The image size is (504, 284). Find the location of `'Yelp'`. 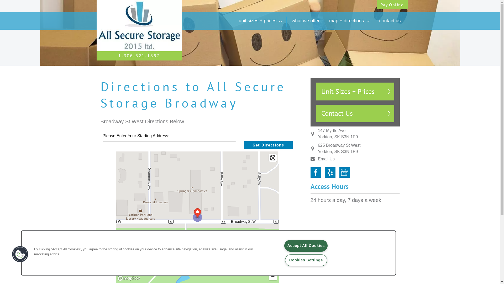

'Yelp' is located at coordinates (330, 172).